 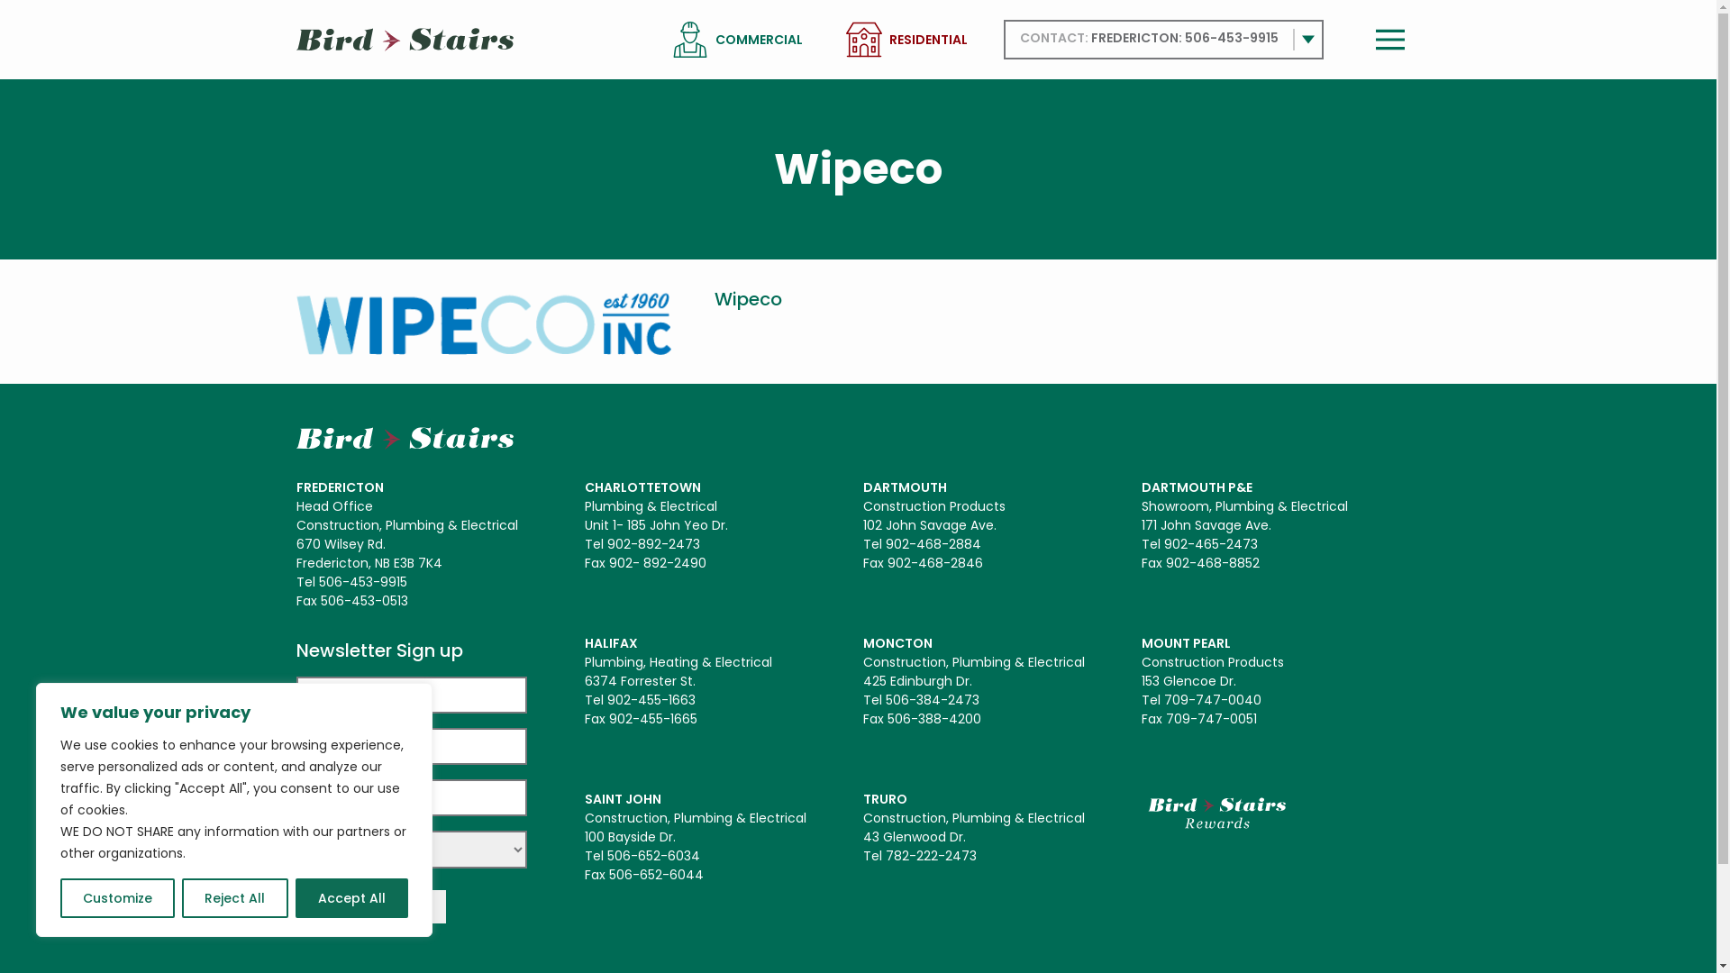 I want to click on '506-652-6034', so click(x=606, y=854).